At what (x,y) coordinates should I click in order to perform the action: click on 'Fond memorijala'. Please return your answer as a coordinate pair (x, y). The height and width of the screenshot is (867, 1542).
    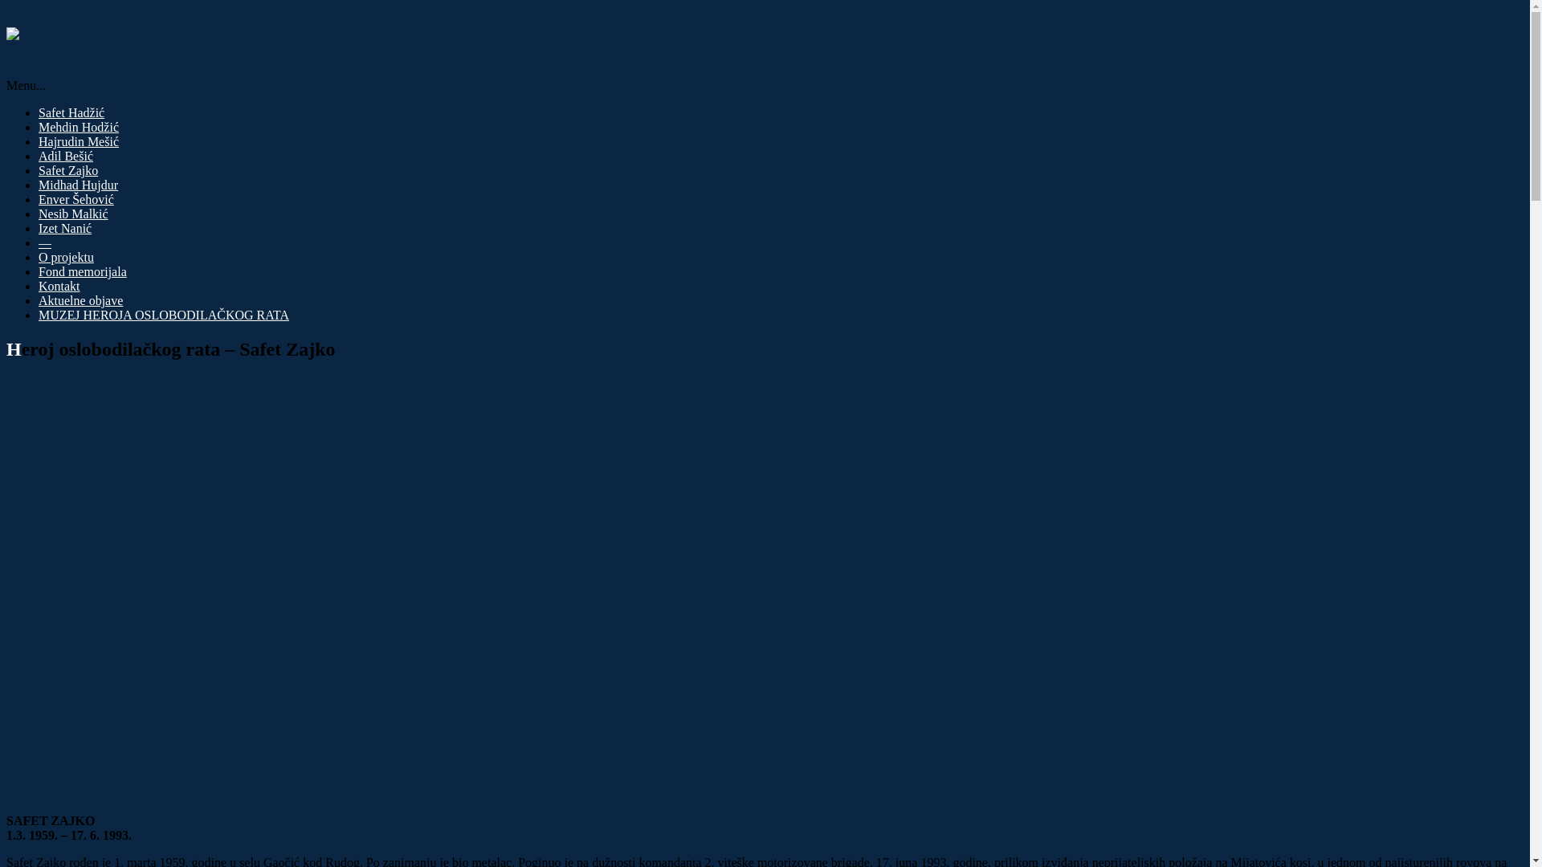
    Looking at the image, I should click on (81, 271).